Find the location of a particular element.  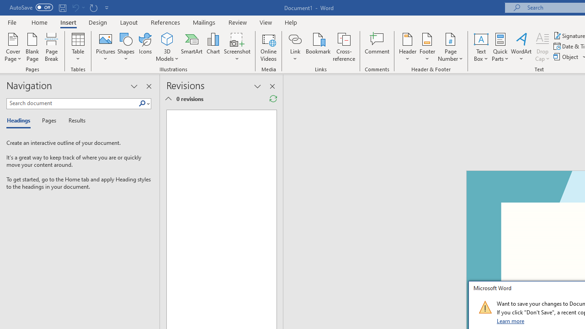

'Can' is located at coordinates (75, 7).